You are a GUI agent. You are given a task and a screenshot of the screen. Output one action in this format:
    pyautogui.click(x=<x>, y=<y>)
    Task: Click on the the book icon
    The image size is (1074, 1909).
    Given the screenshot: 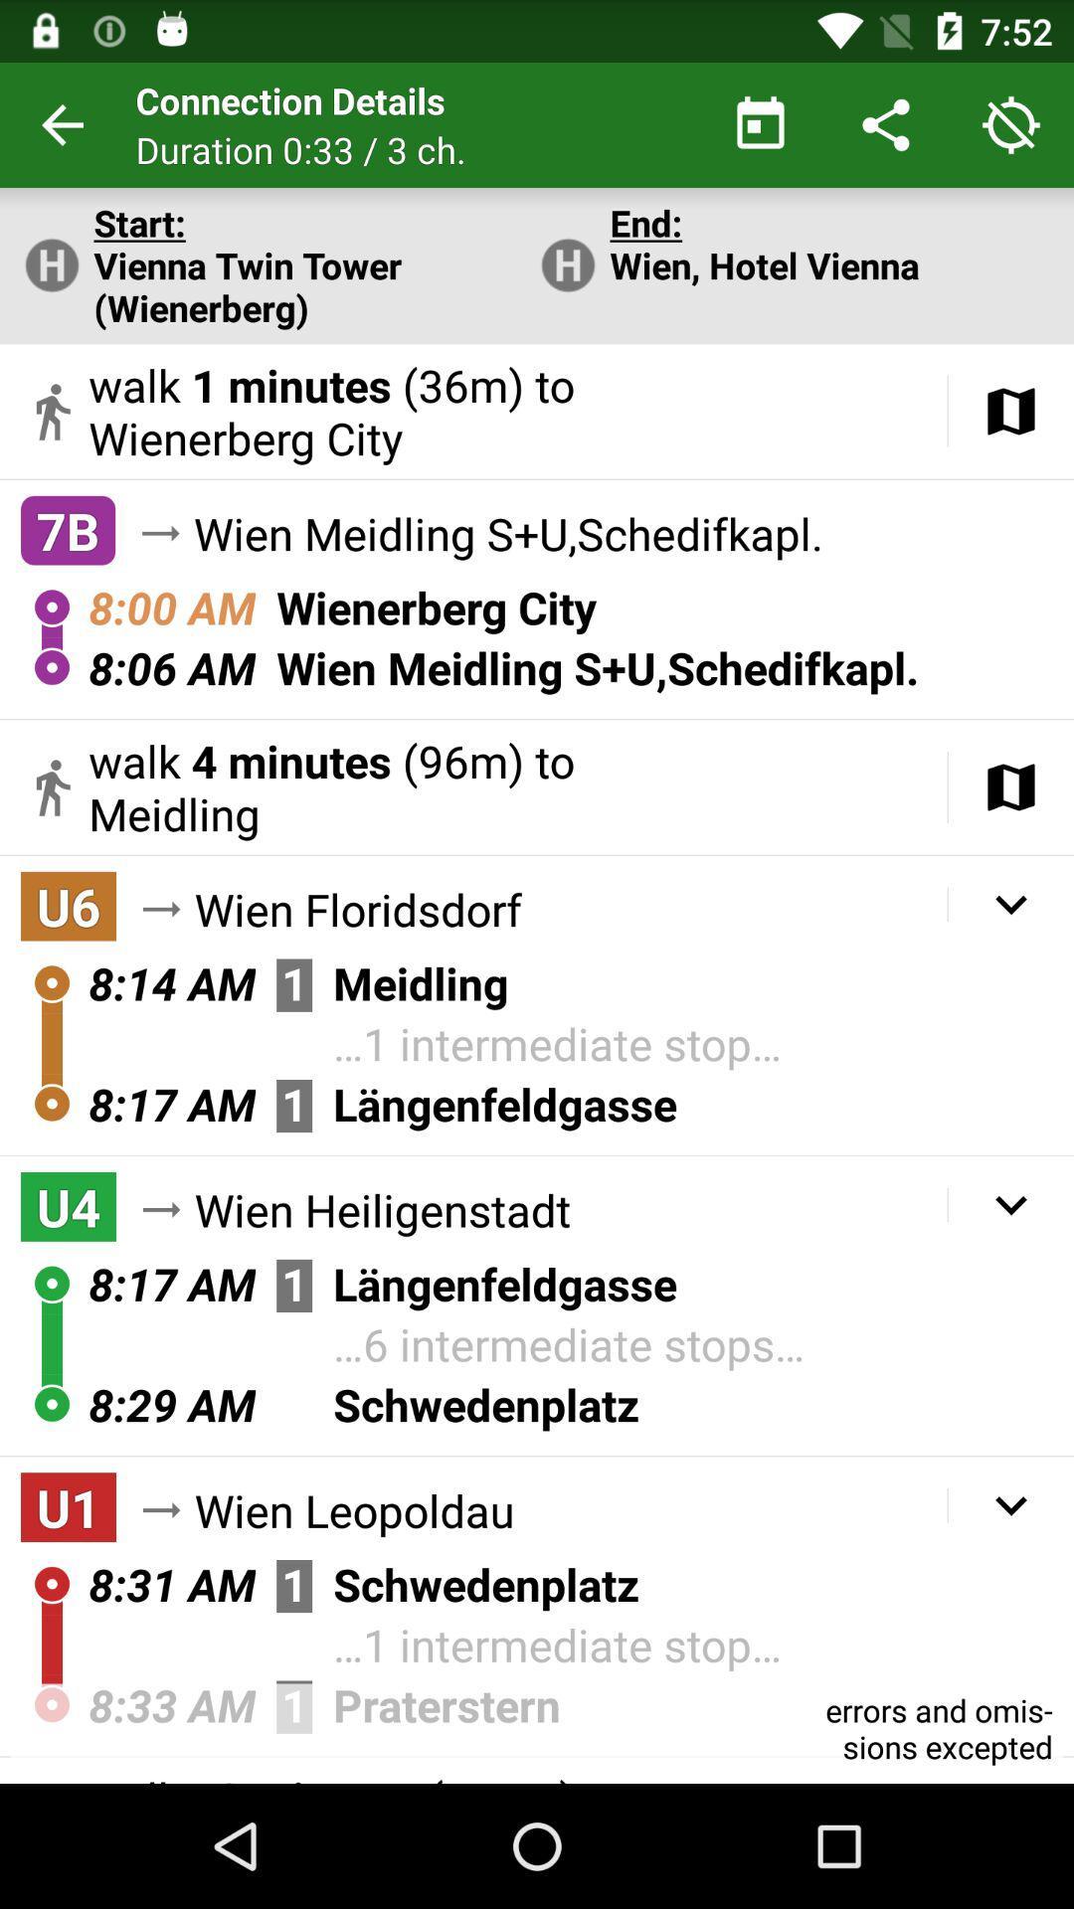 What is the action you would take?
    pyautogui.click(x=1011, y=439)
    